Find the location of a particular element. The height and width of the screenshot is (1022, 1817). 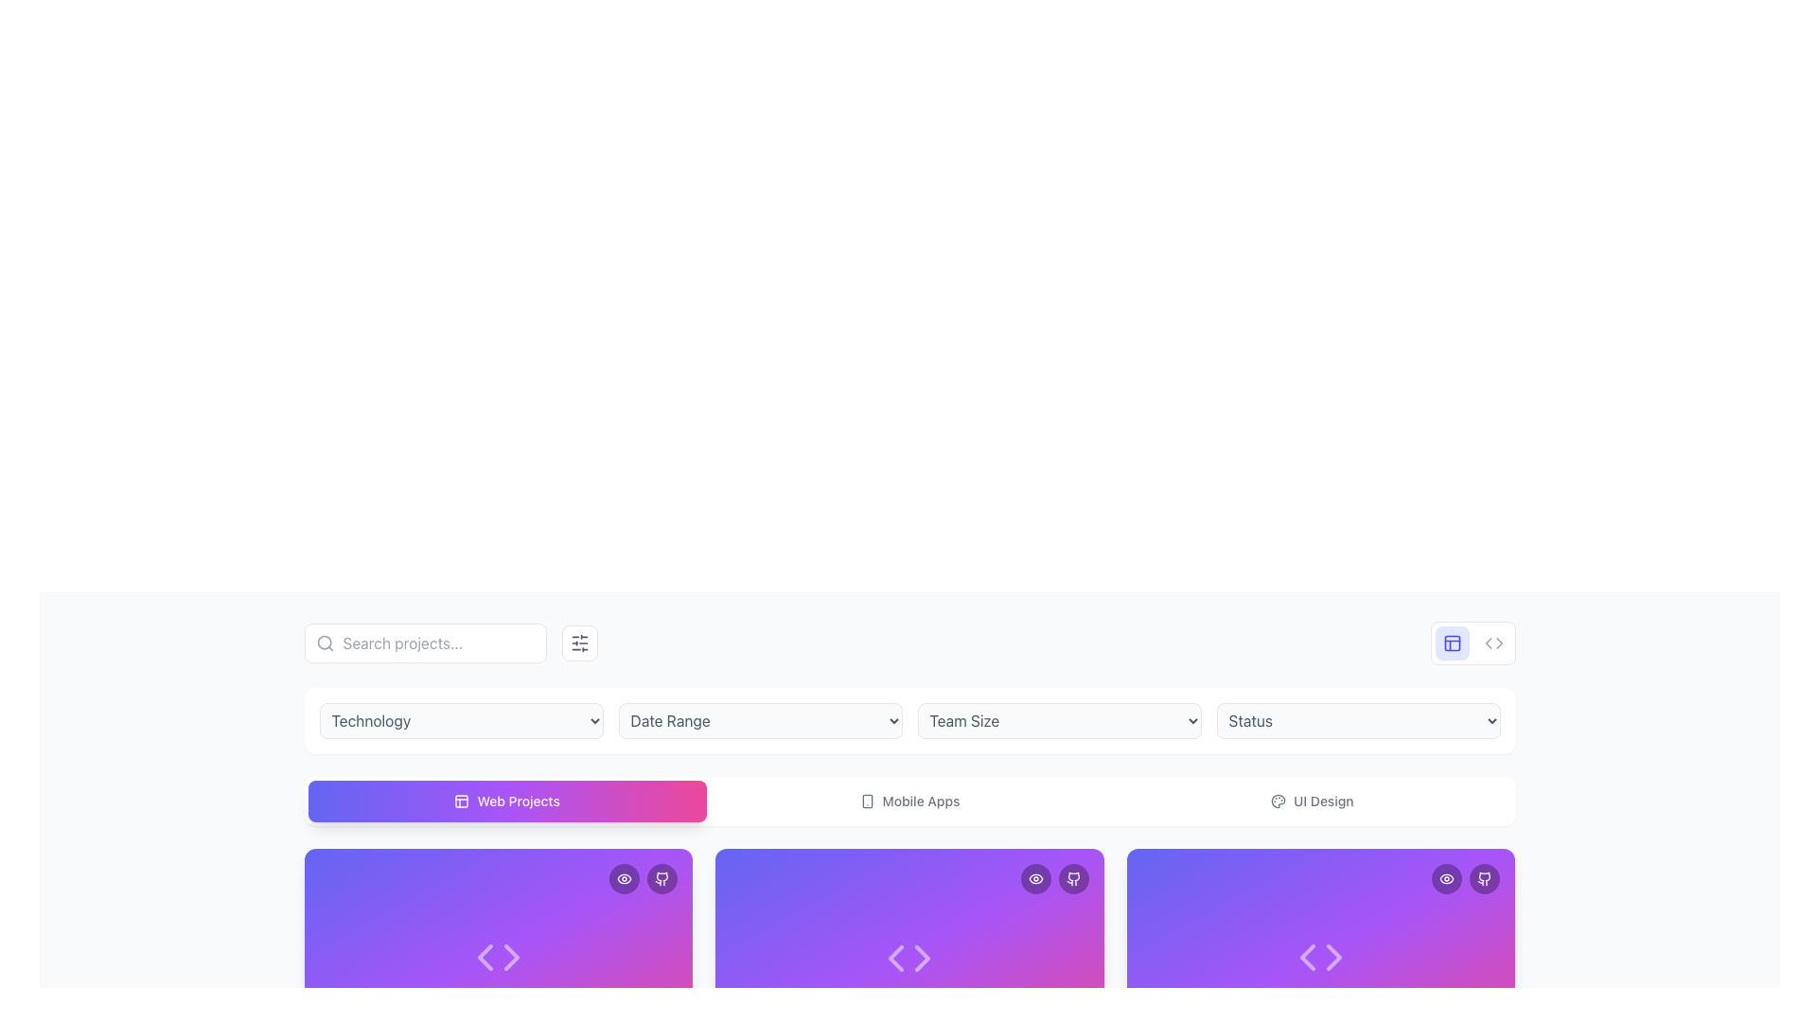

the expanded options within the 'Status' dropdown menu, which is the rightmost dropdown in the top-center grid of the interface is located at coordinates (1357, 721).